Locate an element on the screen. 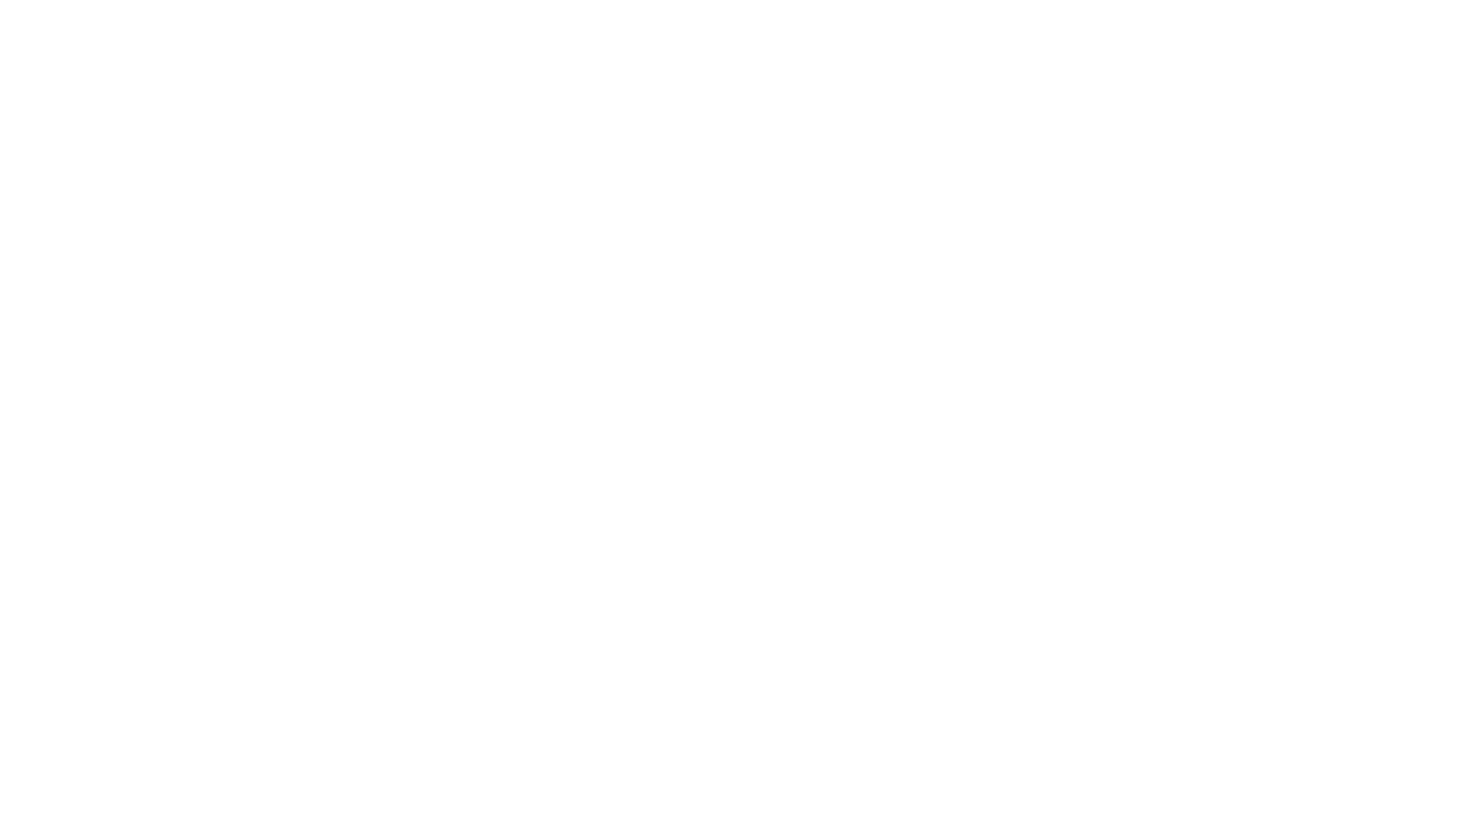 This screenshot has height=839, width=1475. '. A concept born of Joe’s desire to work on small batch bespoke single variety products. Our first offering is an' is located at coordinates (492, 775).